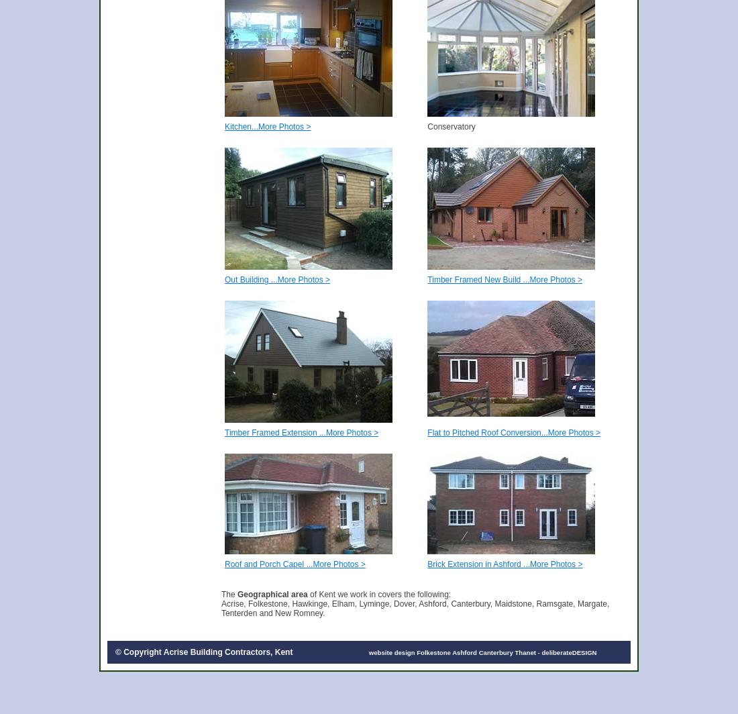 This screenshot has width=738, height=714. I want to click on 'Acrise, Folkestone, Hawkinge, Elham, Lyminge, Dover, Ashford, Canterbury, Maidstone,  Ramsgate, Margate, Tenterden and New Romney.', so click(221, 608).